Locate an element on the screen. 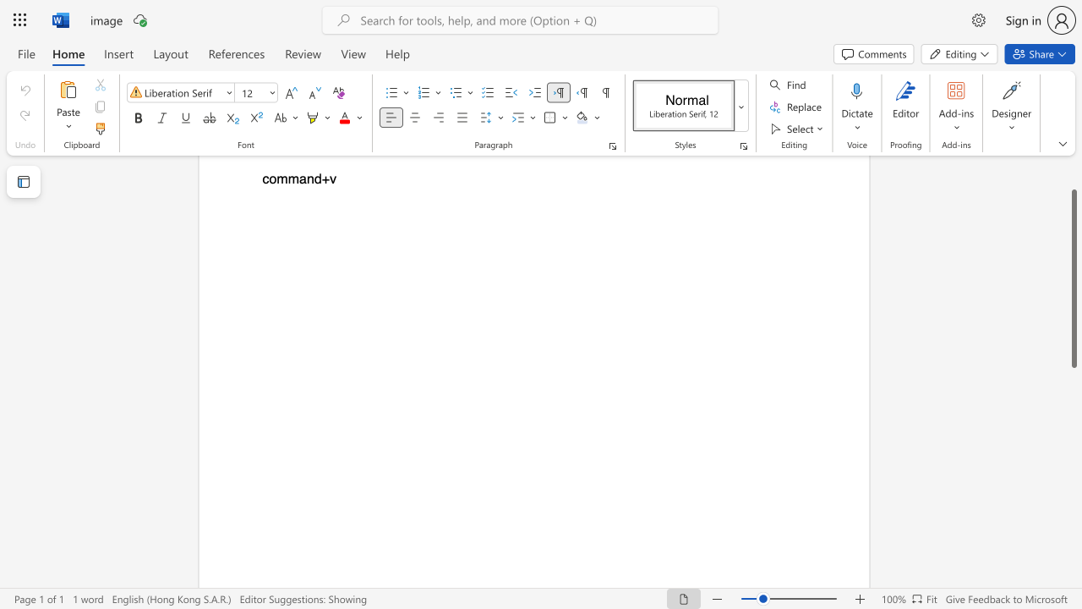 The height and width of the screenshot is (609, 1082). the scrollbar and move up 20 pixels is located at coordinates (1073, 277).